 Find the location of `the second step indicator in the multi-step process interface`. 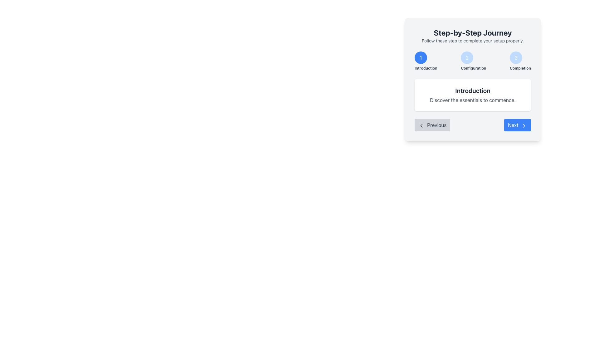

the second step indicator in the multi-step process interface is located at coordinates (473, 61).